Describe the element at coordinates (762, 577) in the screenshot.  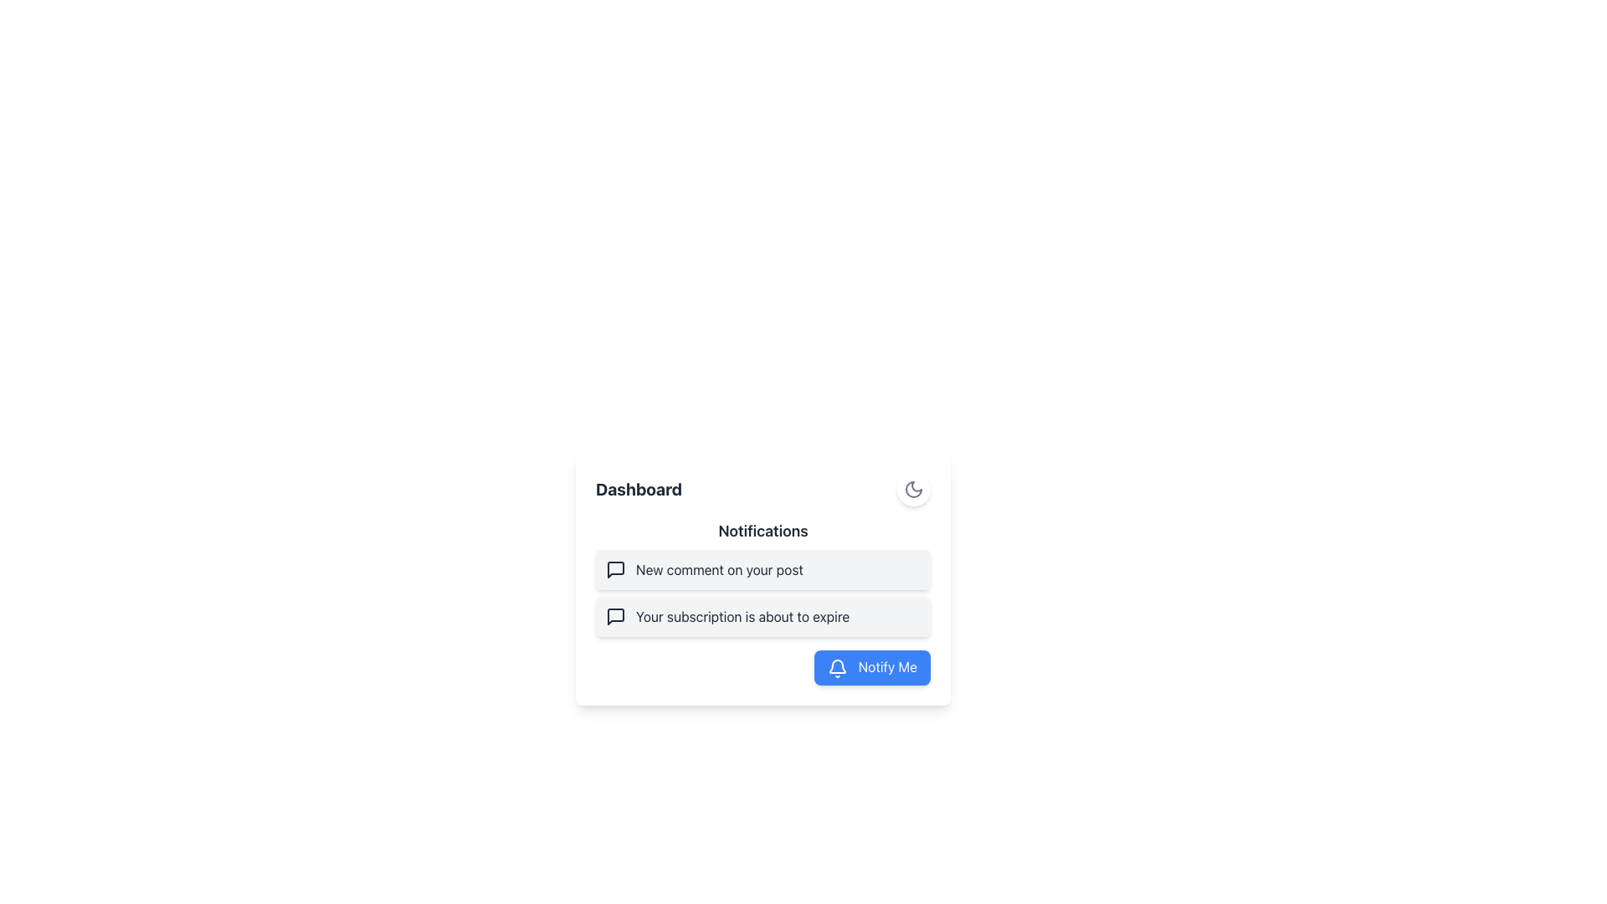
I see `the Alert Panel located centrally within the 'Dashboard' card, which displays notifications and alerts to the user` at that location.